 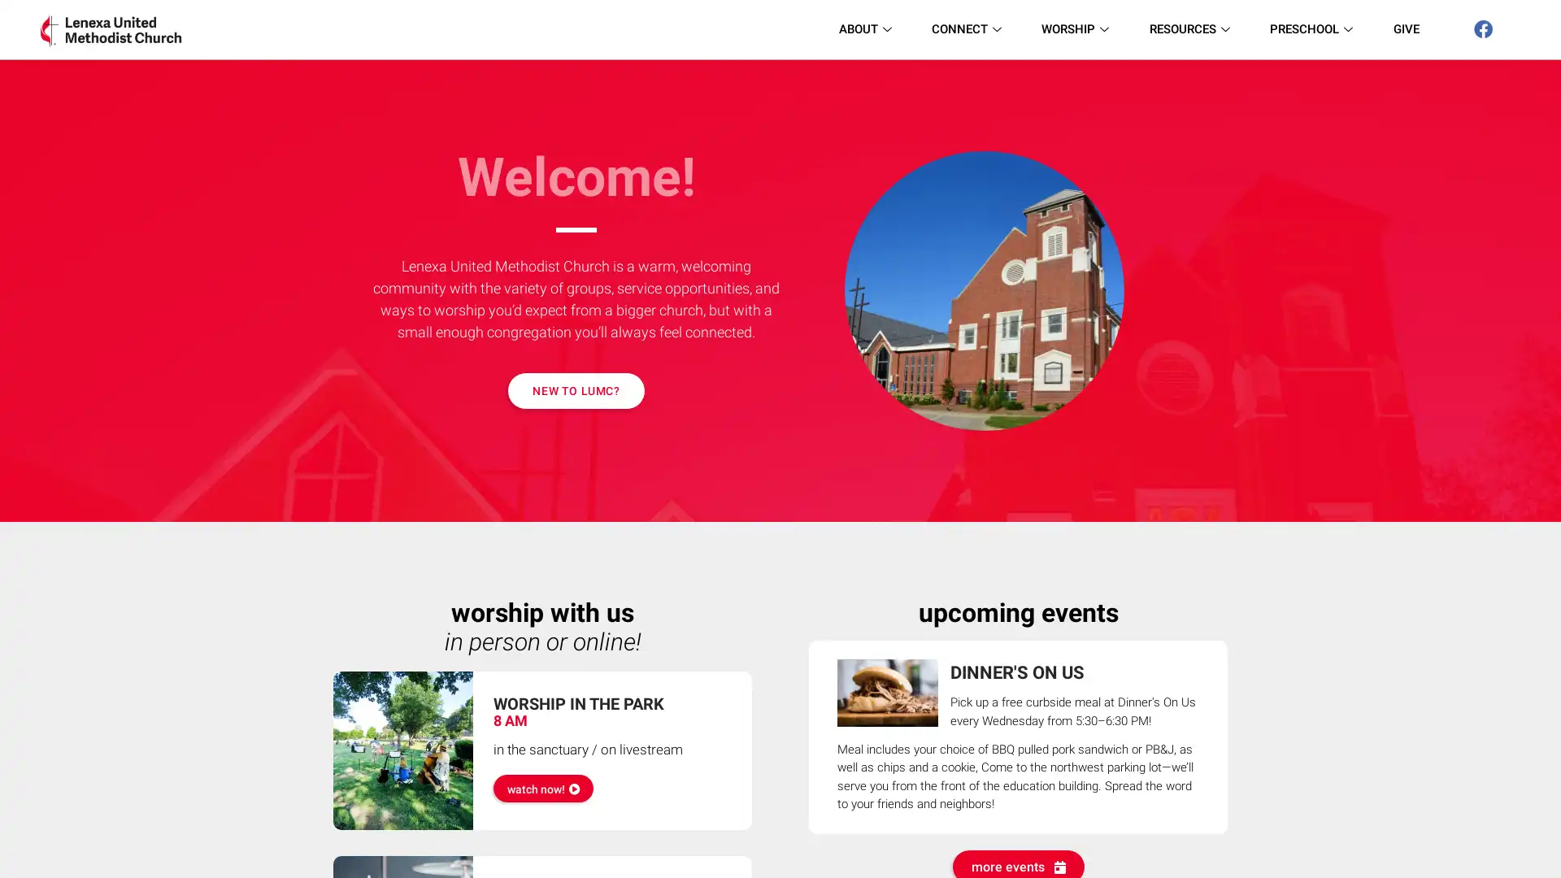 I want to click on watch now!, so click(x=542, y=786).